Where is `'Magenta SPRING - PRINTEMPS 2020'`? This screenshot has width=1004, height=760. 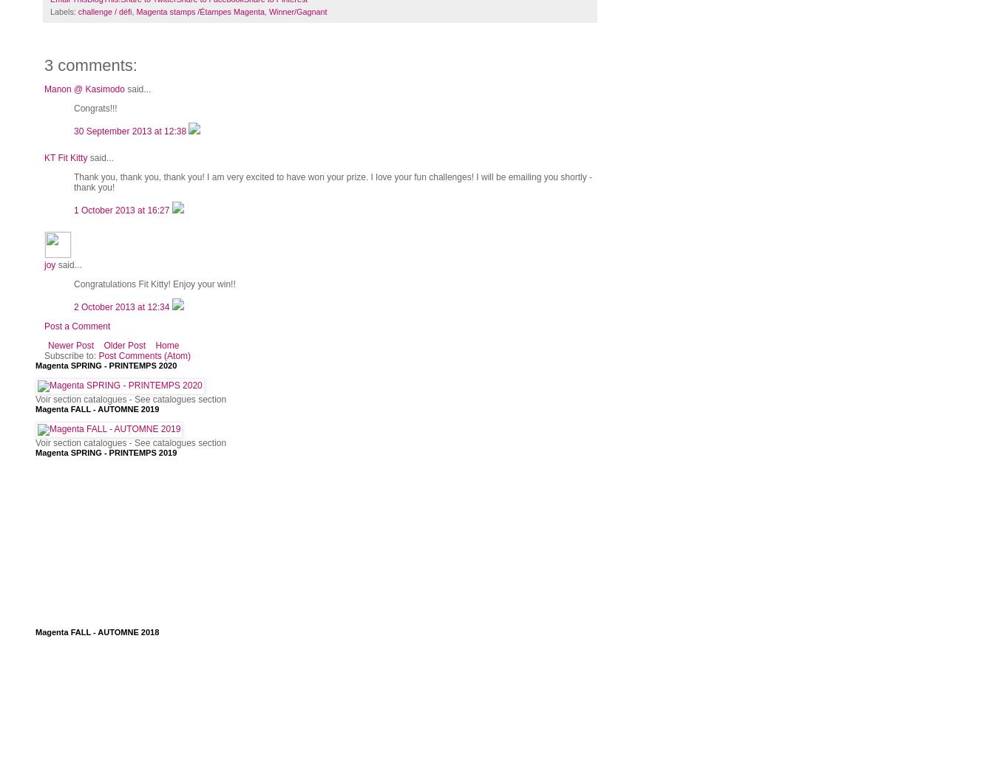 'Magenta SPRING - PRINTEMPS 2020' is located at coordinates (105, 365).